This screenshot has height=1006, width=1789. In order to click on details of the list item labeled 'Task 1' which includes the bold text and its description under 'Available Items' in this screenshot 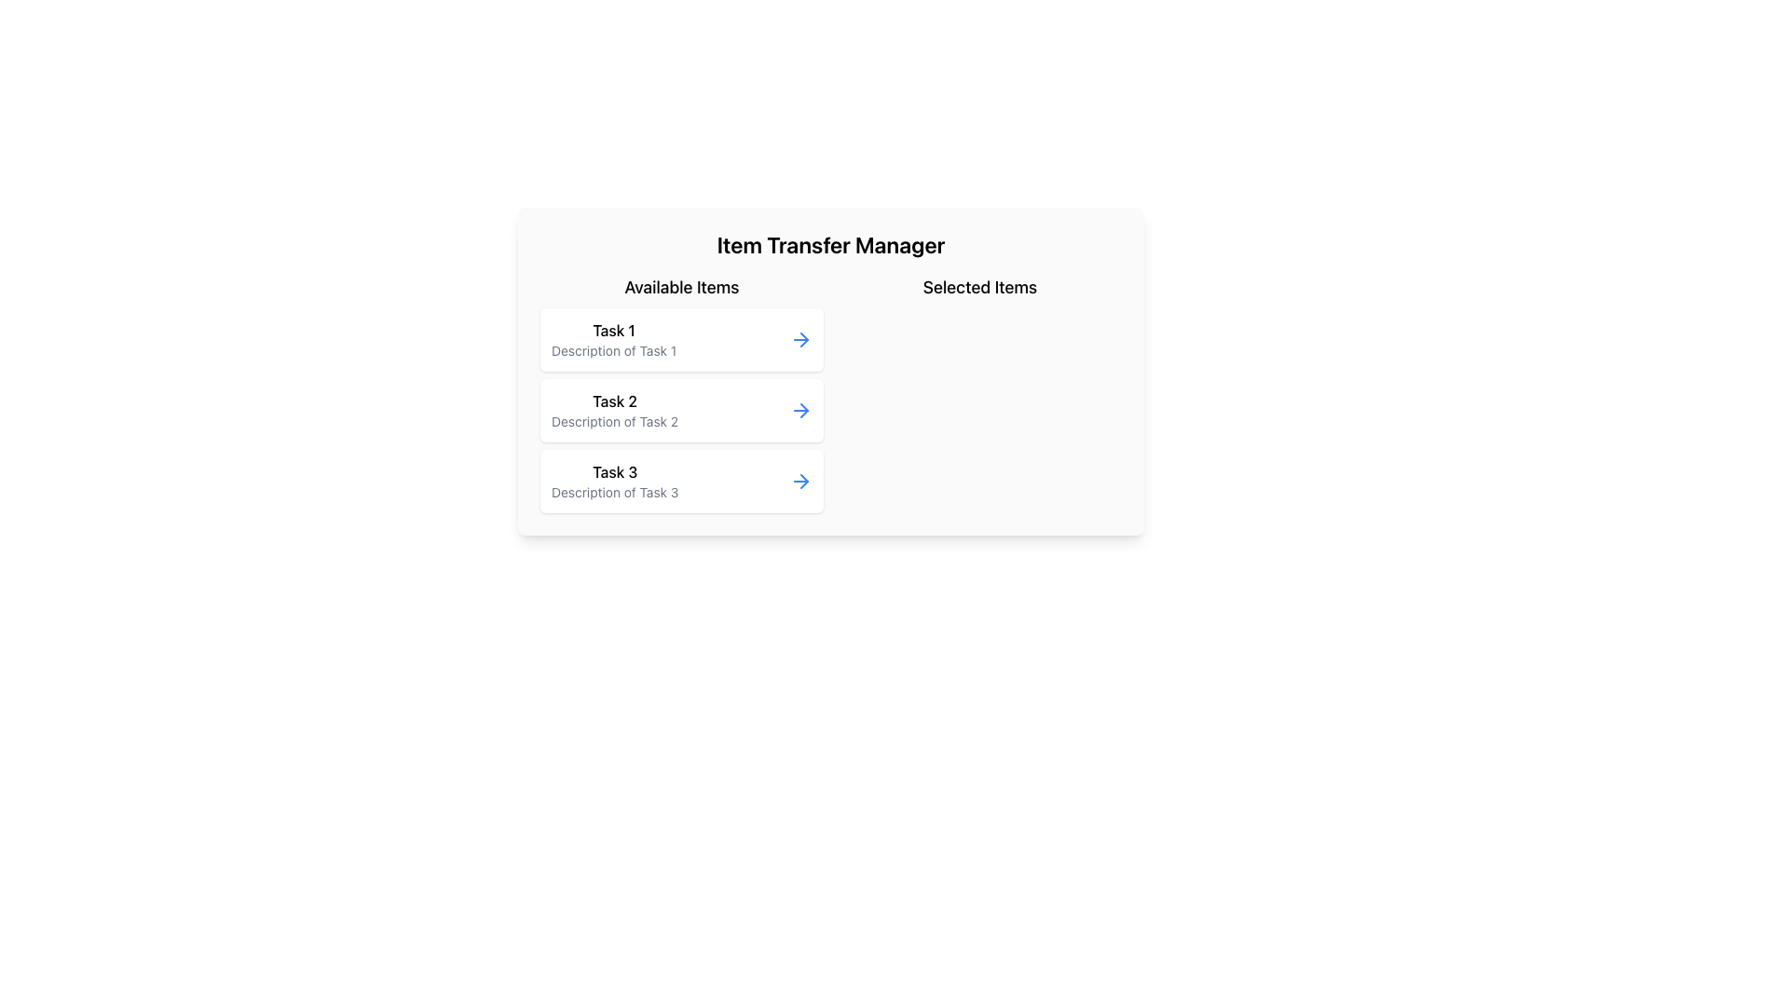, I will do `click(614, 340)`.